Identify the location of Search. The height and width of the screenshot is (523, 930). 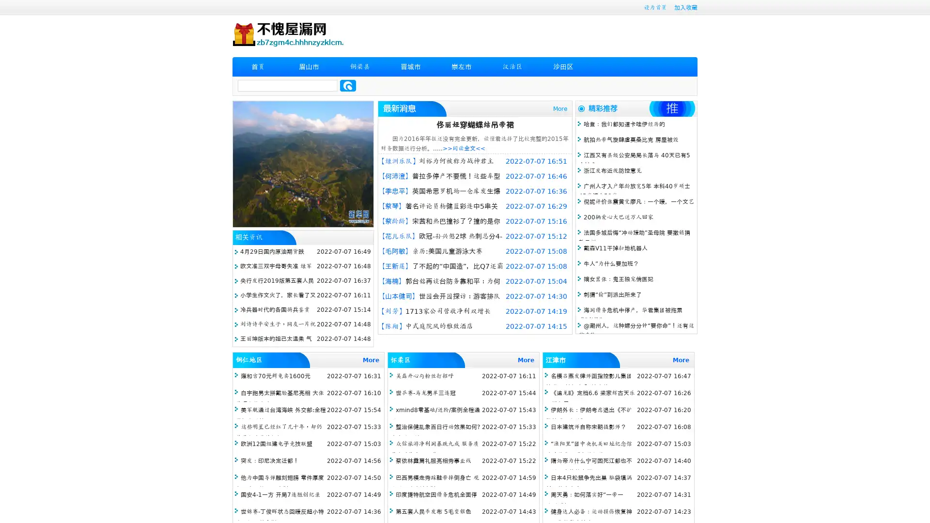
(348, 85).